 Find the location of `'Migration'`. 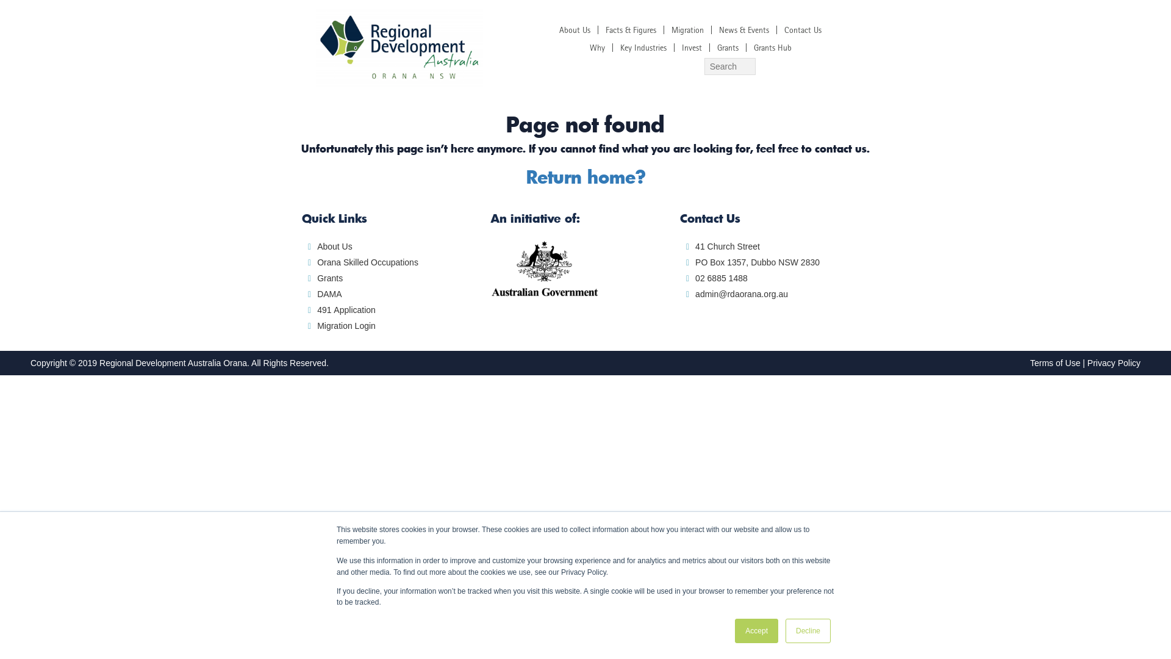

'Migration' is located at coordinates (687, 29).